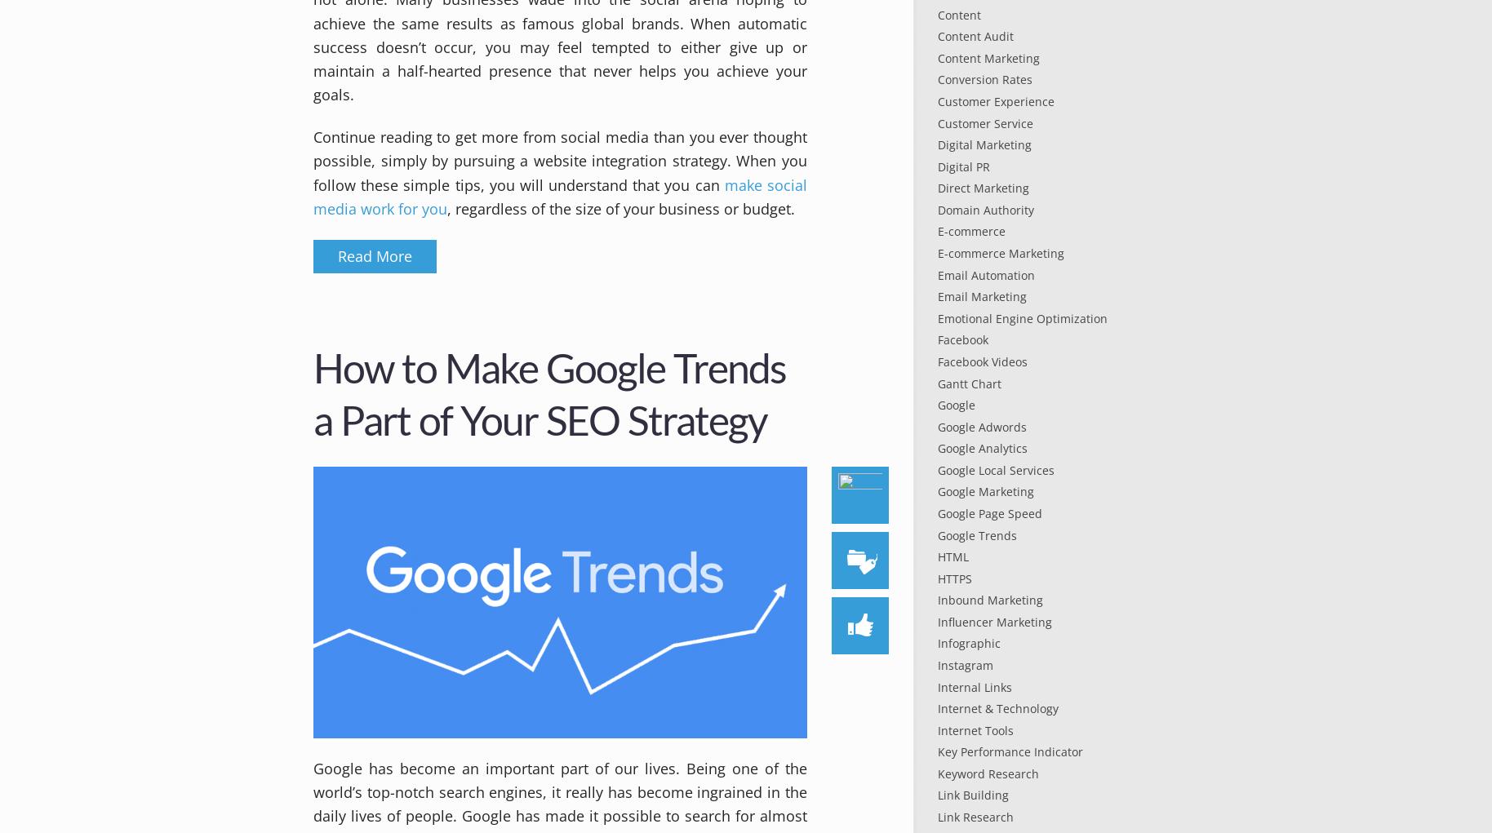 This screenshot has width=1492, height=833. Describe the element at coordinates (981, 426) in the screenshot. I see `'Google Adwords'` at that location.